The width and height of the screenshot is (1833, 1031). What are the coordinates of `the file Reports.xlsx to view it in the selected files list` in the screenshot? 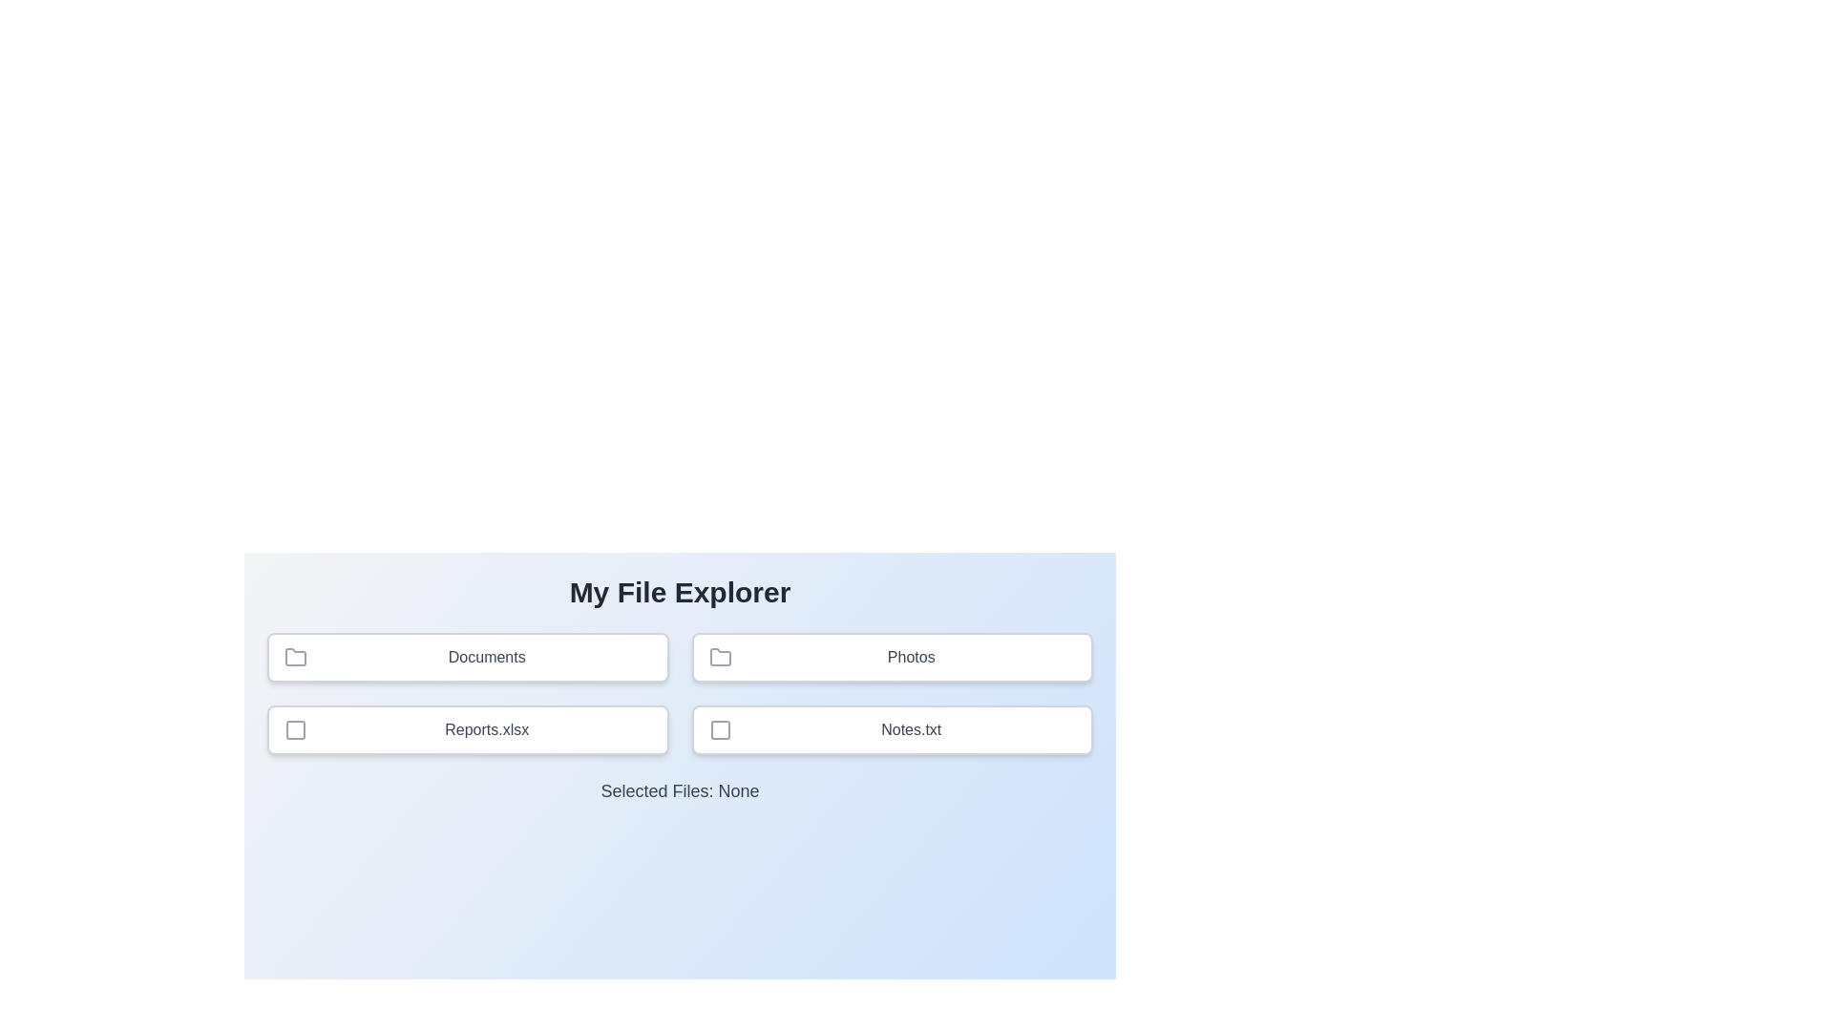 It's located at (468, 729).